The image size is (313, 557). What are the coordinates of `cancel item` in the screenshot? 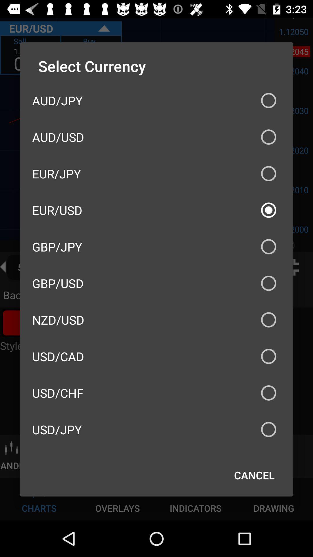 It's located at (254, 475).